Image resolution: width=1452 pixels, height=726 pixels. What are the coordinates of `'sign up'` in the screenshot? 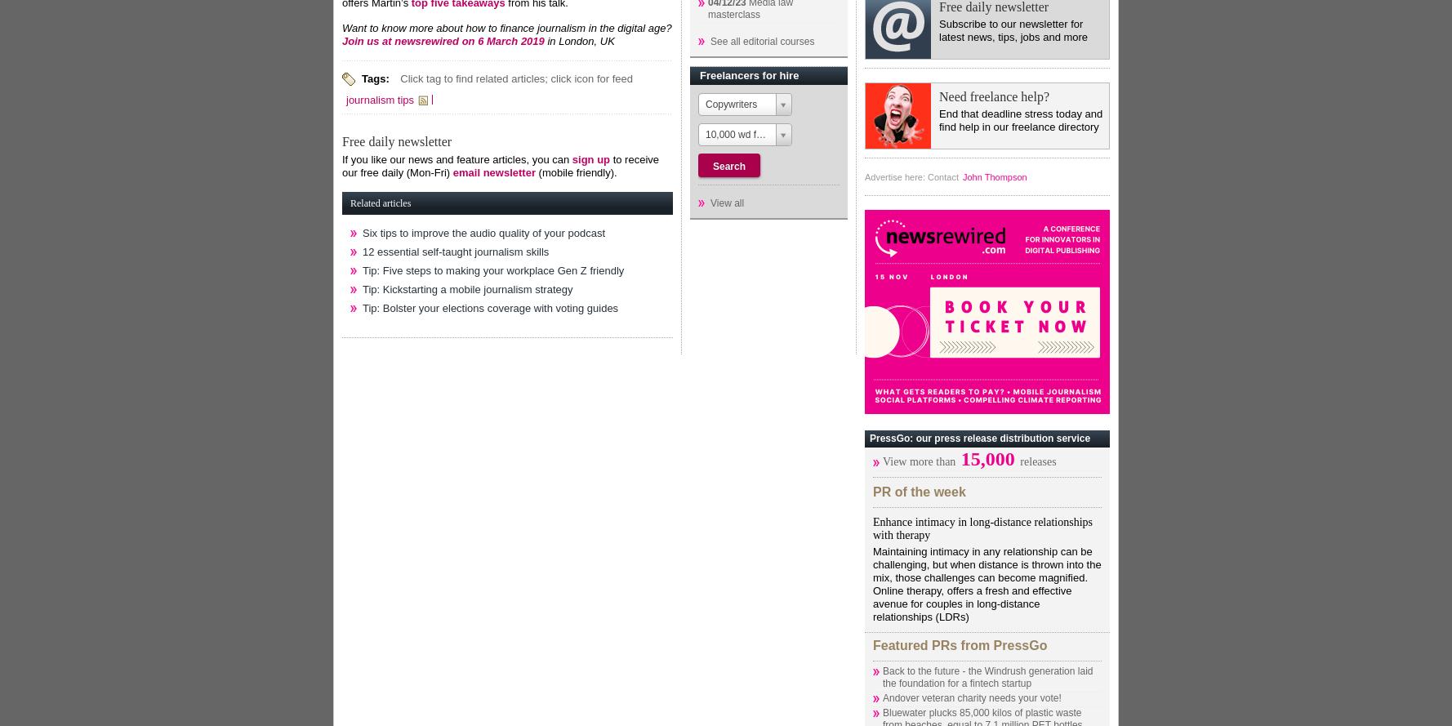 It's located at (590, 158).